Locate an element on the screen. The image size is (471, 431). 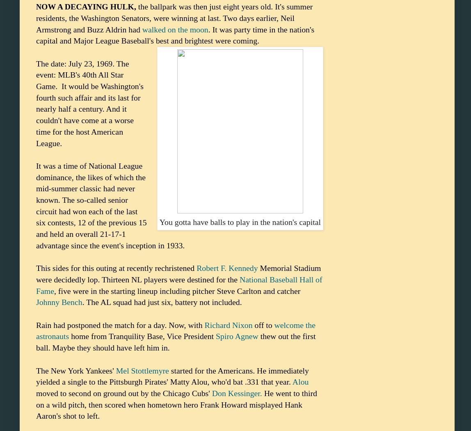
'Don Kessinger.' is located at coordinates (236, 393).